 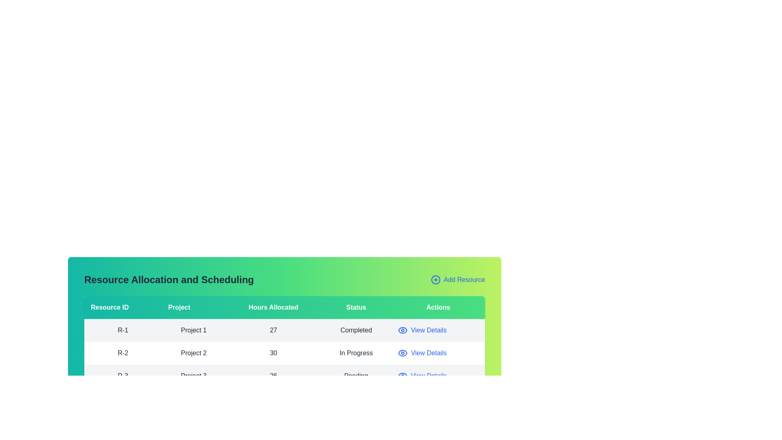 What do you see at coordinates (422, 330) in the screenshot?
I see `the 'View Details' link for the resource with ID 'R-1'` at bounding box center [422, 330].